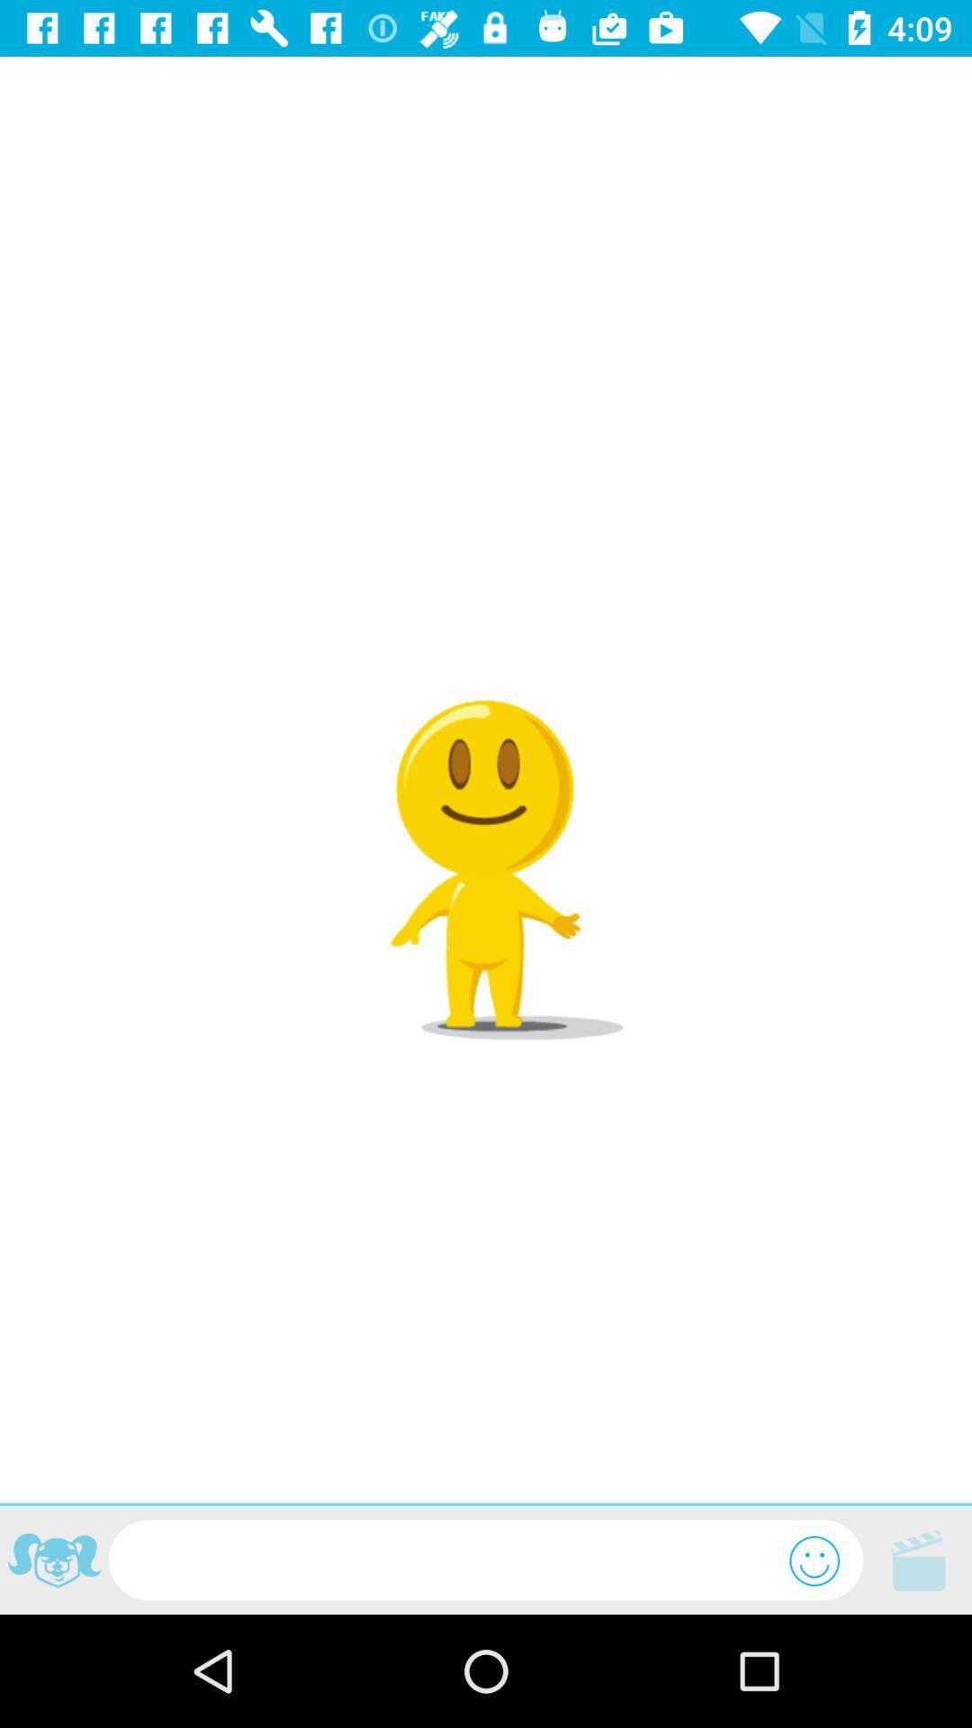 This screenshot has height=1728, width=972. What do you see at coordinates (448, 1559) in the screenshot?
I see `typing box` at bounding box center [448, 1559].